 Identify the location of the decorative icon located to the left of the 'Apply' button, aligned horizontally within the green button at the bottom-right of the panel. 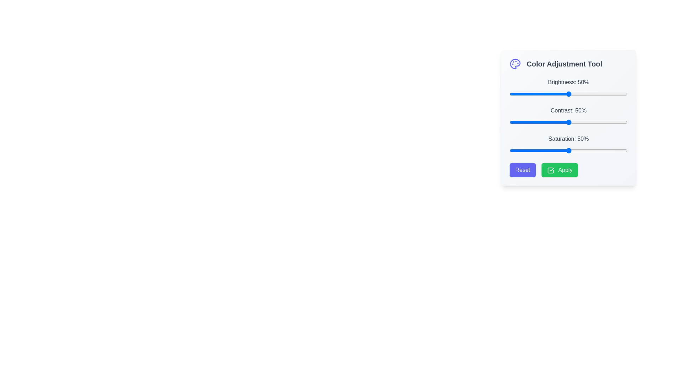
(550, 170).